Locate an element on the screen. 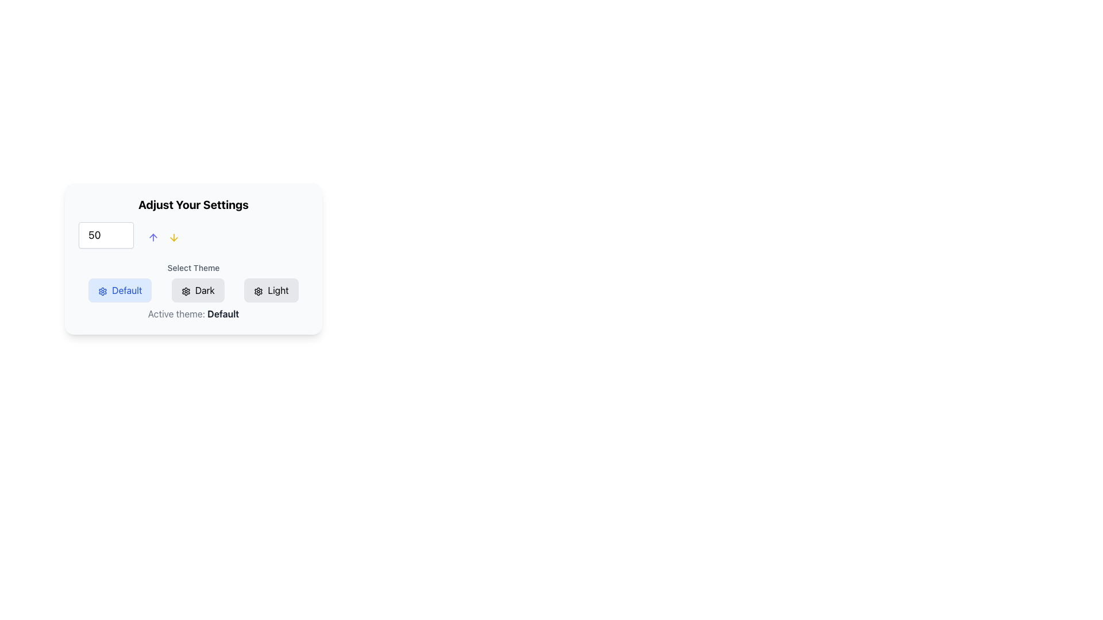 The width and height of the screenshot is (1103, 620). the 'Light' theme button, which is the third button under the 'Select Theme' label is located at coordinates (271, 289).